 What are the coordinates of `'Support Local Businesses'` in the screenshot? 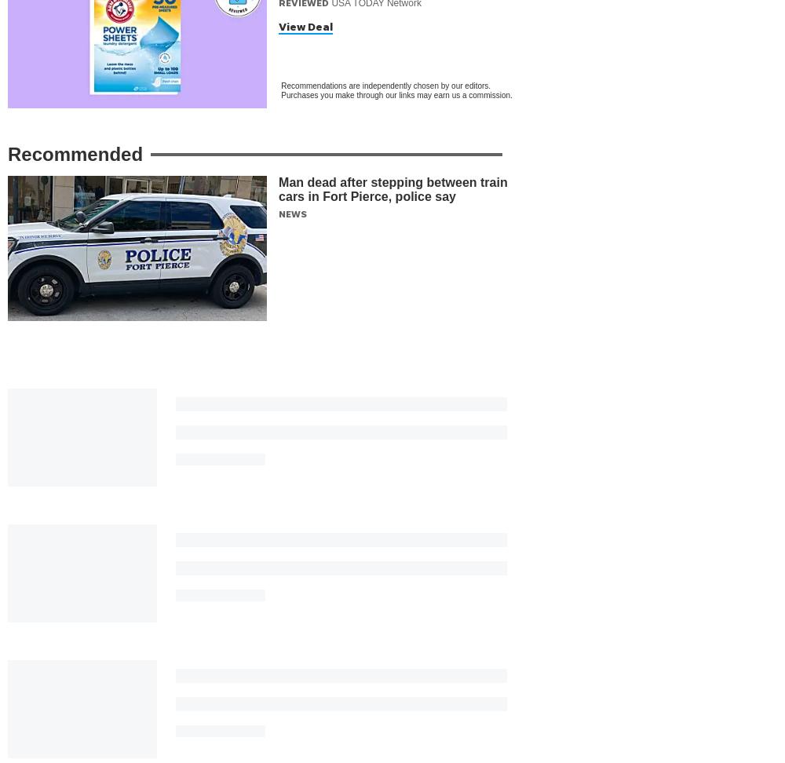 It's located at (243, 644).